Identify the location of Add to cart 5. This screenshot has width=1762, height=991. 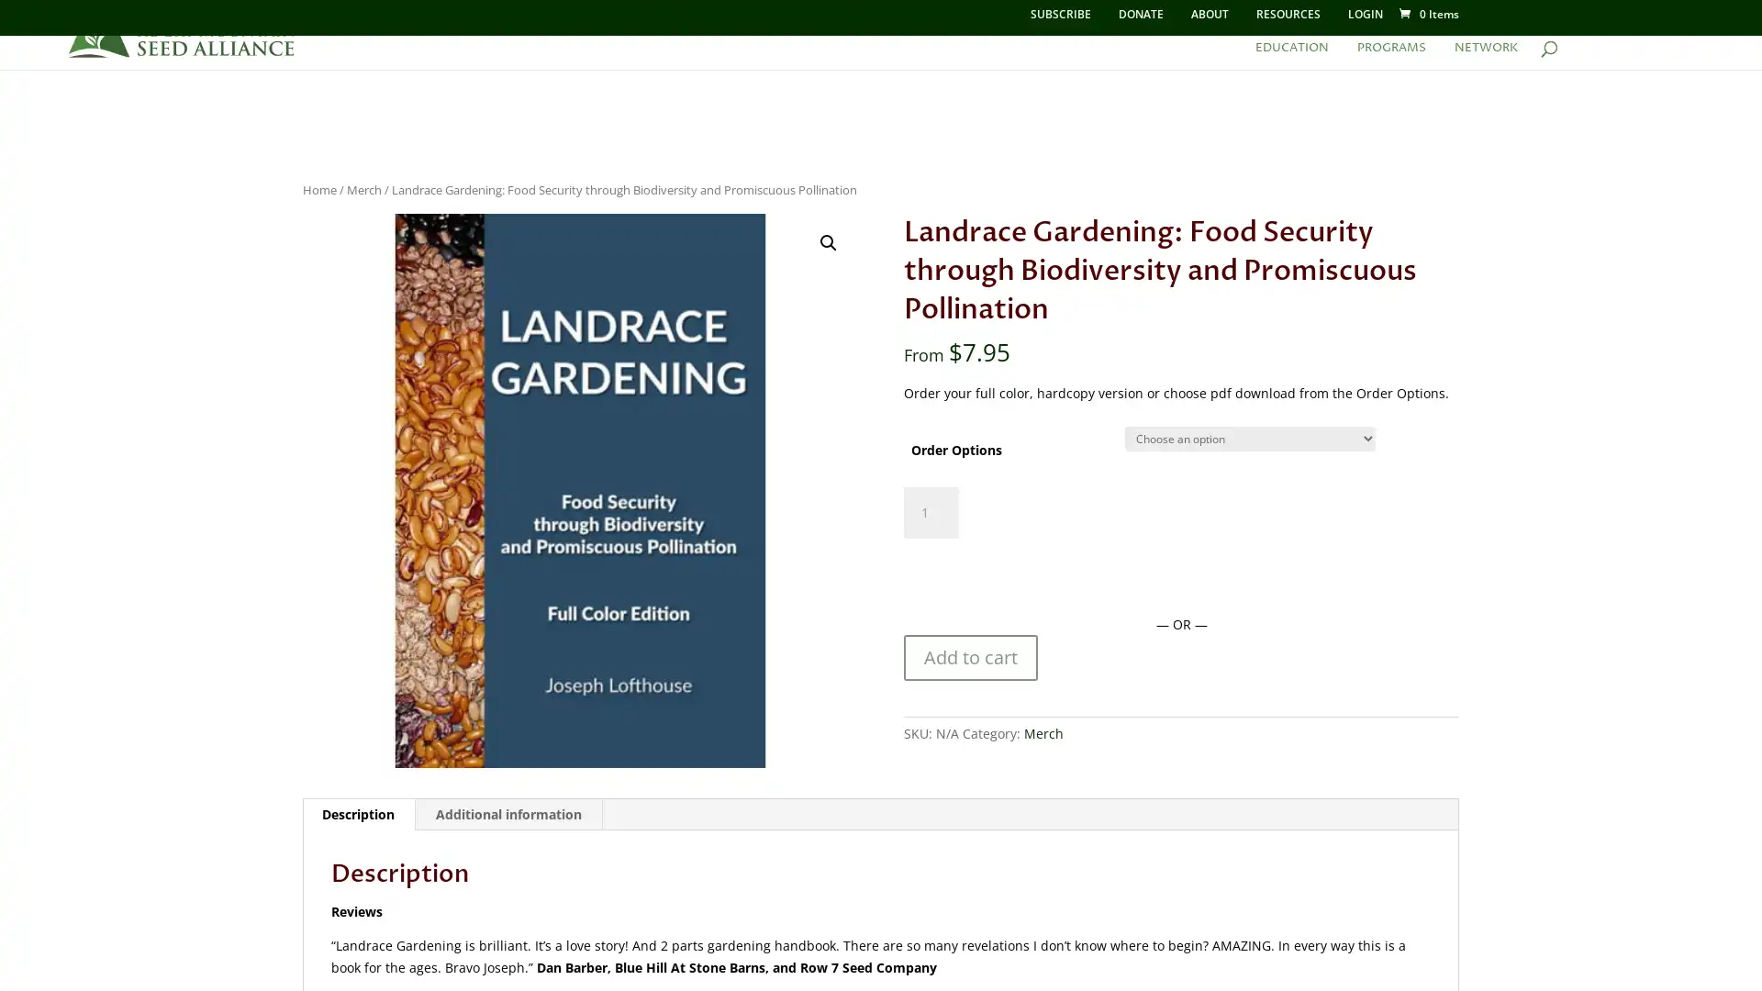
(969, 657).